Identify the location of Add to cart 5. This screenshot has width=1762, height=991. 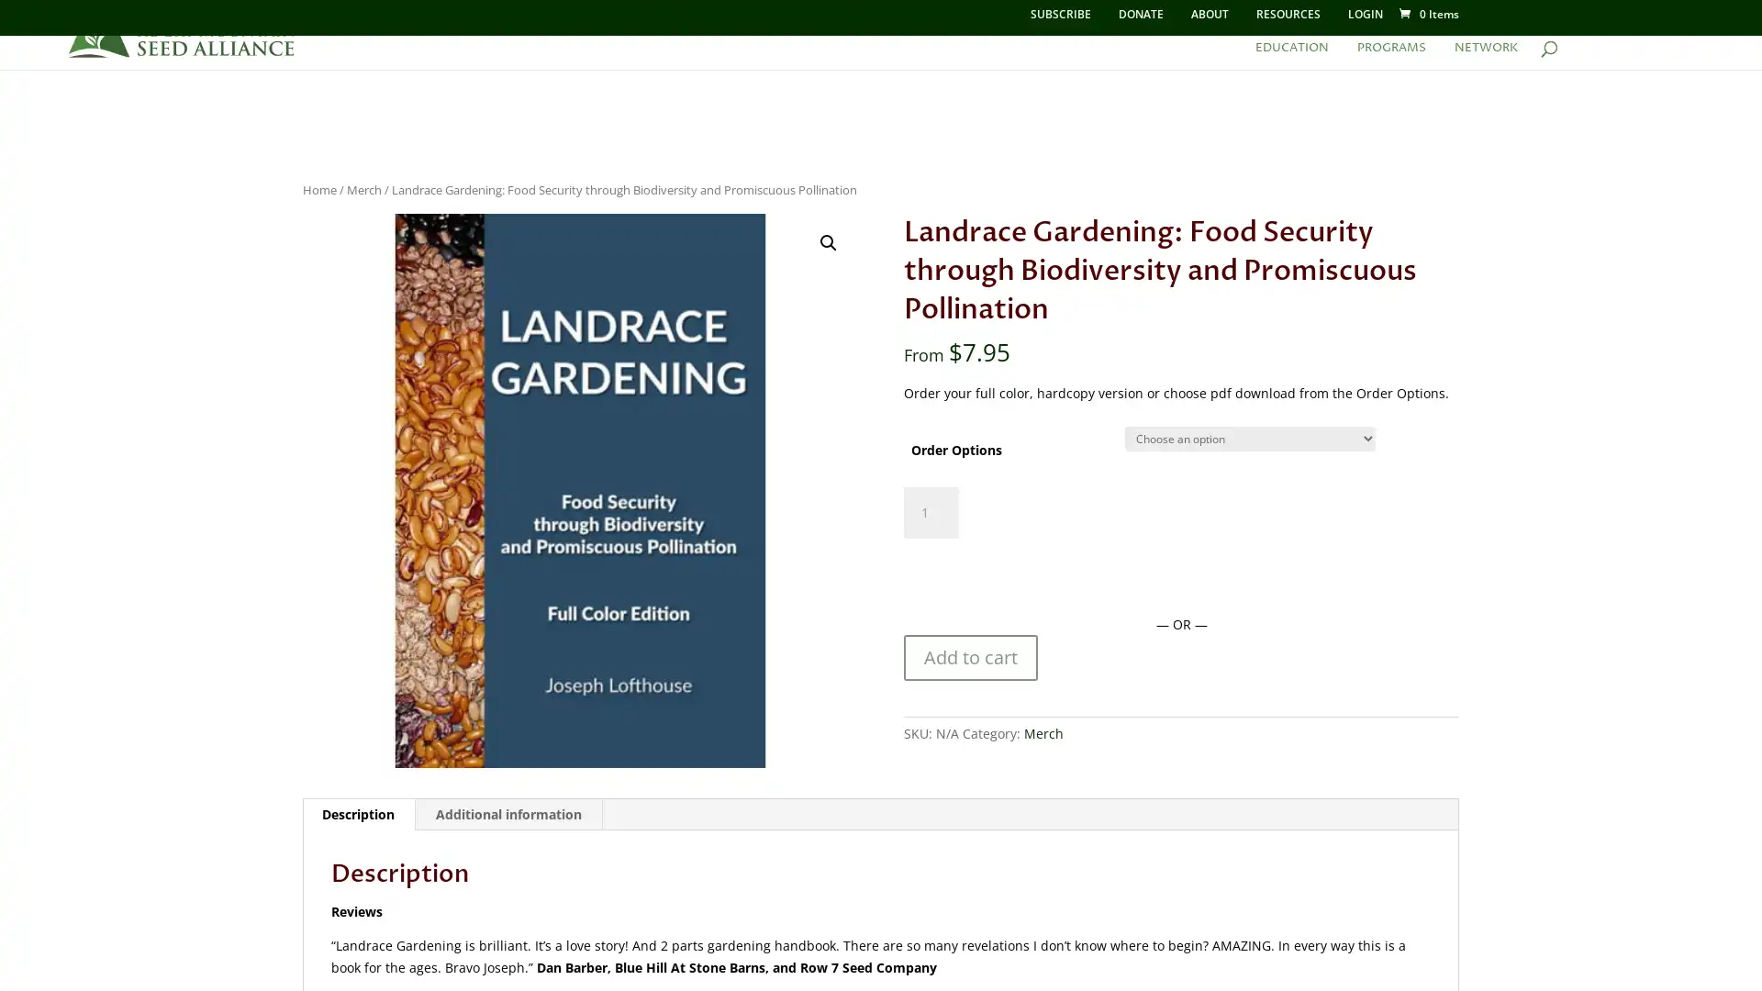
(969, 657).